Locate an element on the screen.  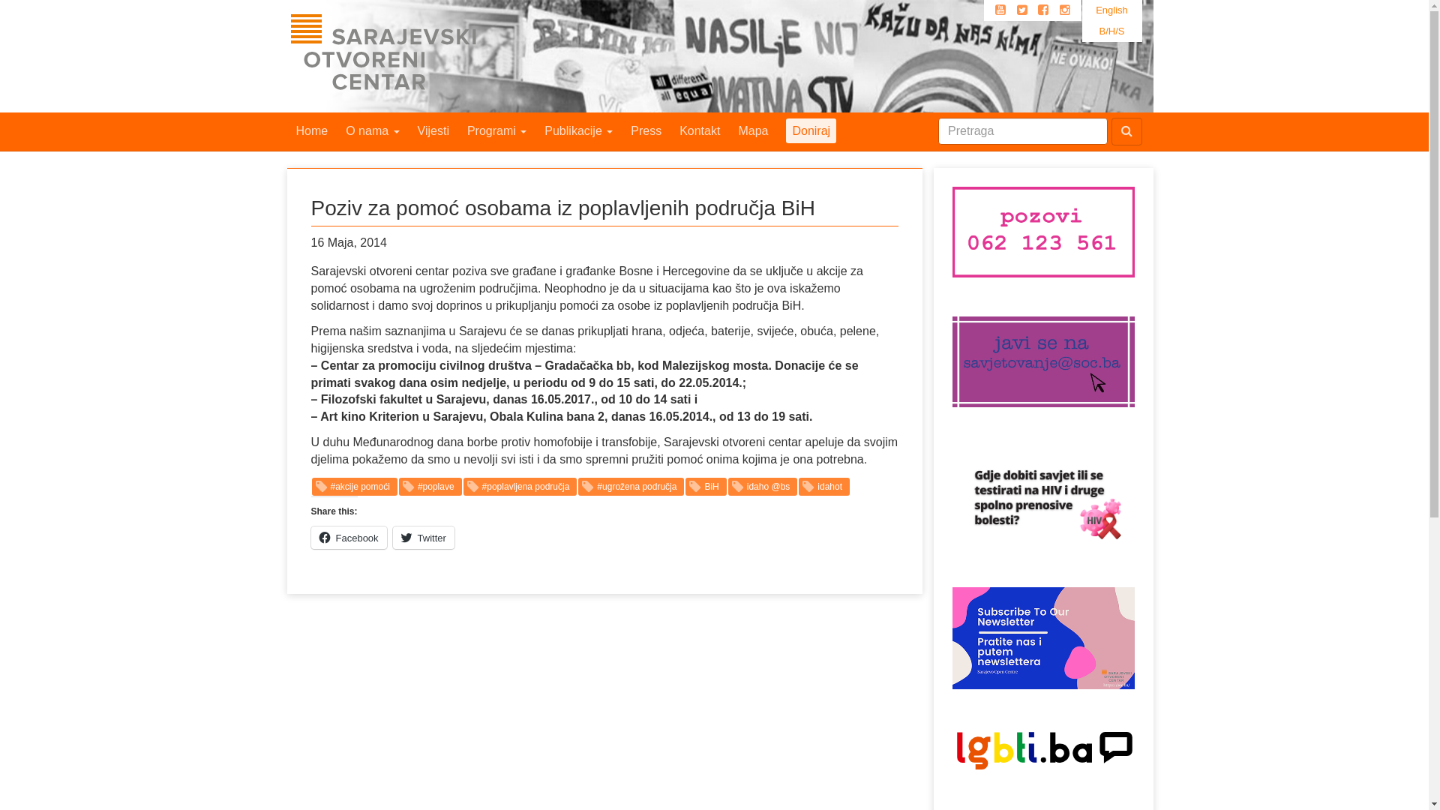
'Kontakt' is located at coordinates (698, 130).